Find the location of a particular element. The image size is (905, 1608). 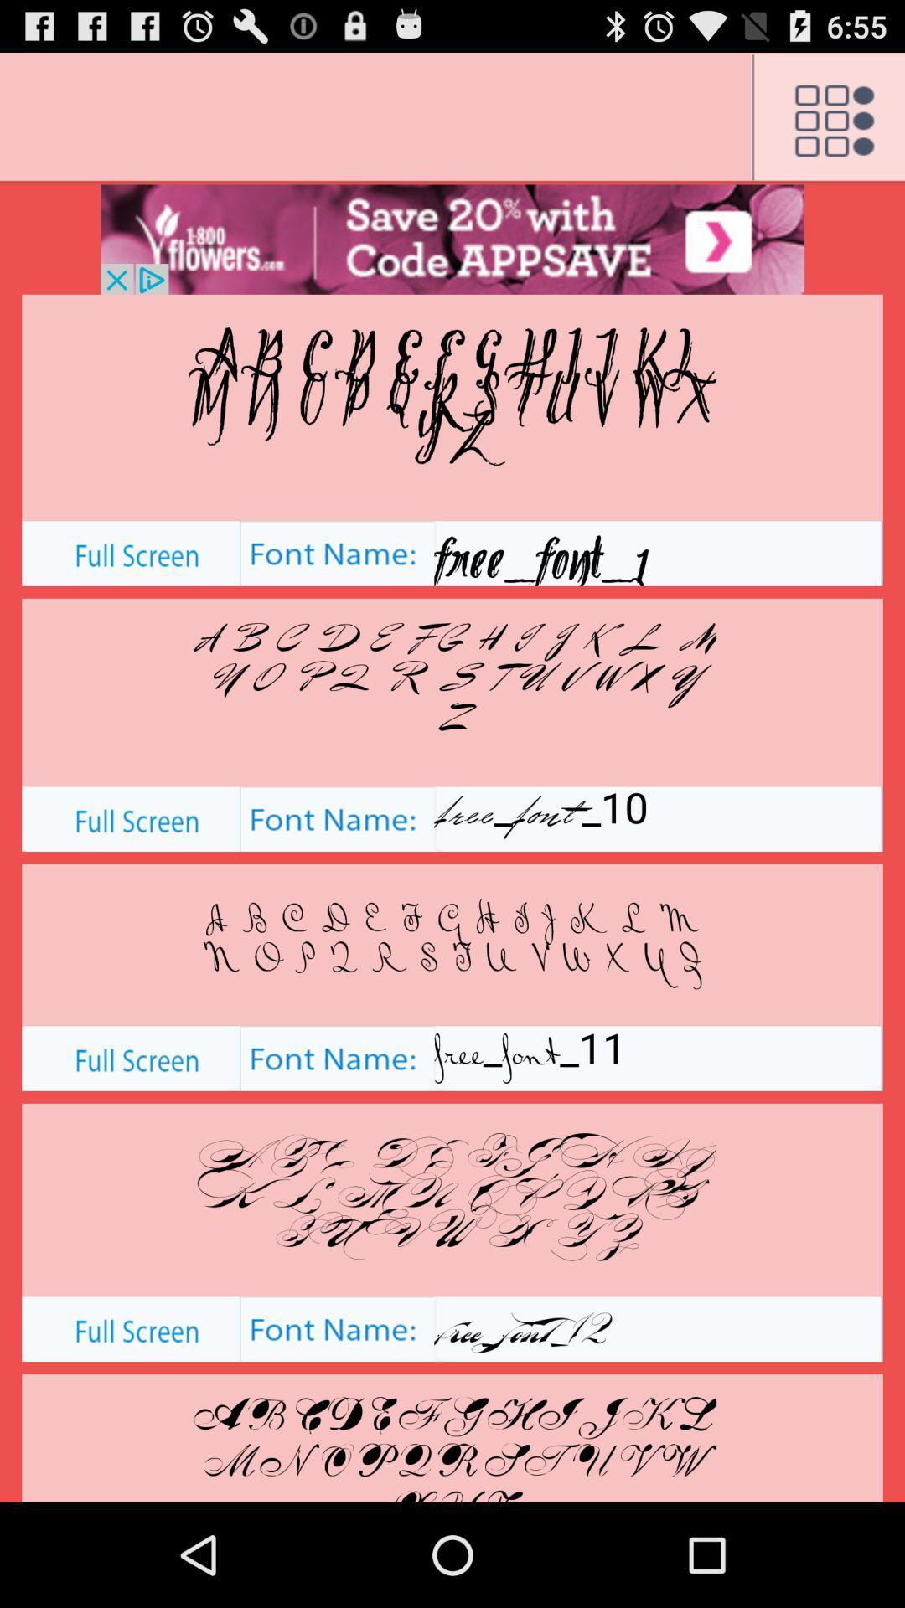

tools option is located at coordinates (827, 117).